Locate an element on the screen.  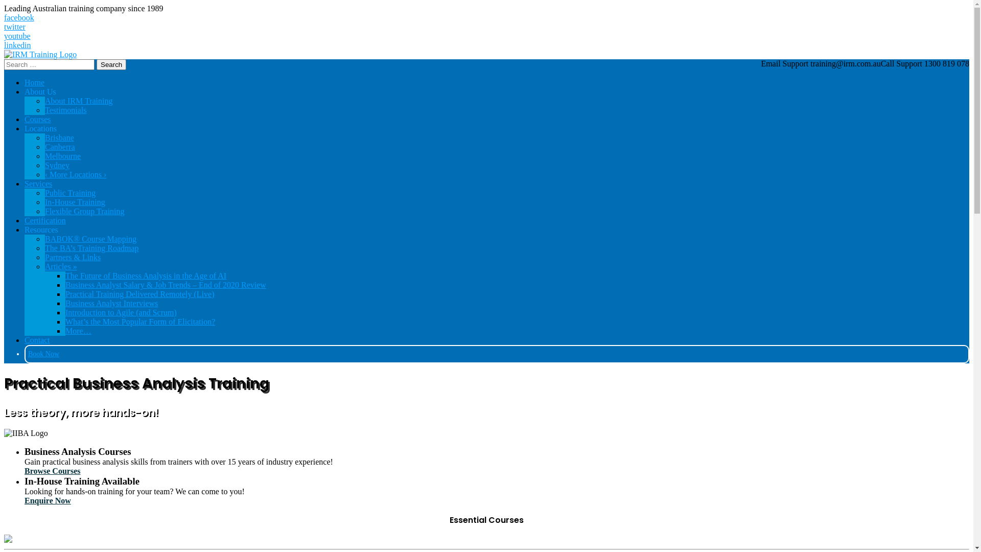
'Browse Courses' is located at coordinates (25, 471).